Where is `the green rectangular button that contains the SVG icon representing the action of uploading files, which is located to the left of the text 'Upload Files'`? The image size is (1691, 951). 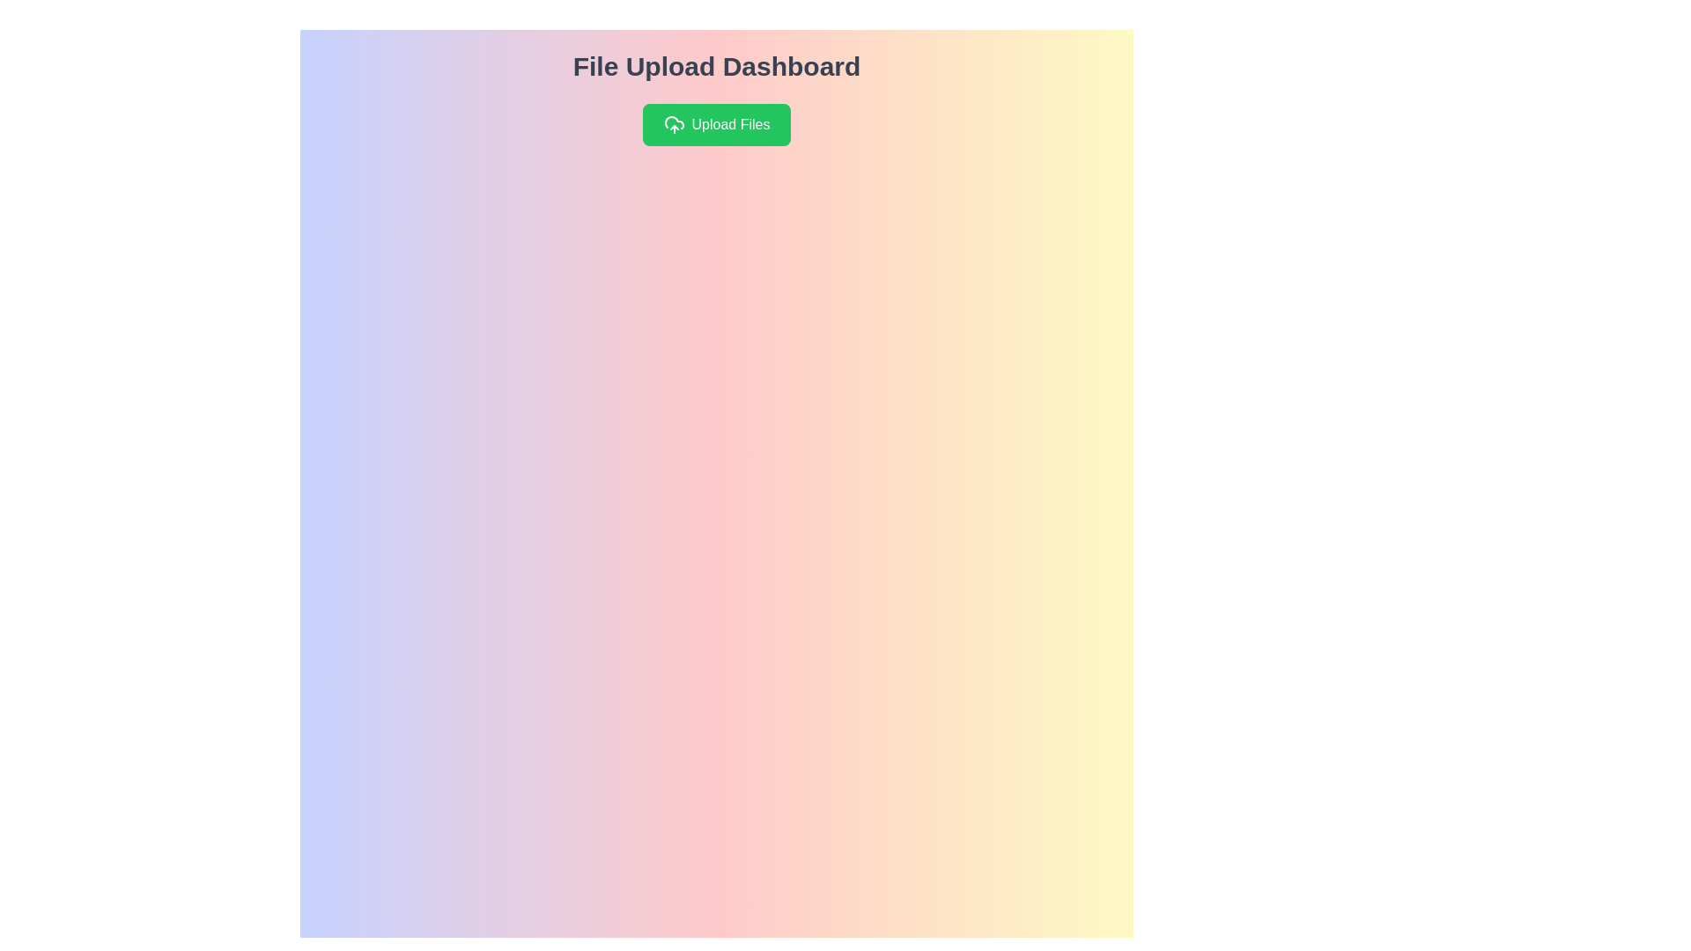 the green rectangular button that contains the SVG icon representing the action of uploading files, which is located to the left of the text 'Upload Files' is located at coordinates (673, 124).